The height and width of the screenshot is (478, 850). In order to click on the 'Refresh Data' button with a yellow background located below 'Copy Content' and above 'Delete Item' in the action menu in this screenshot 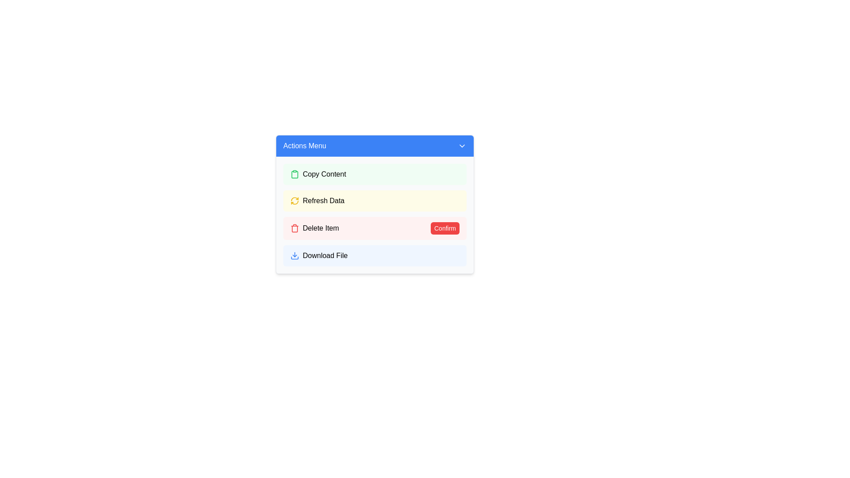, I will do `click(323, 201)`.